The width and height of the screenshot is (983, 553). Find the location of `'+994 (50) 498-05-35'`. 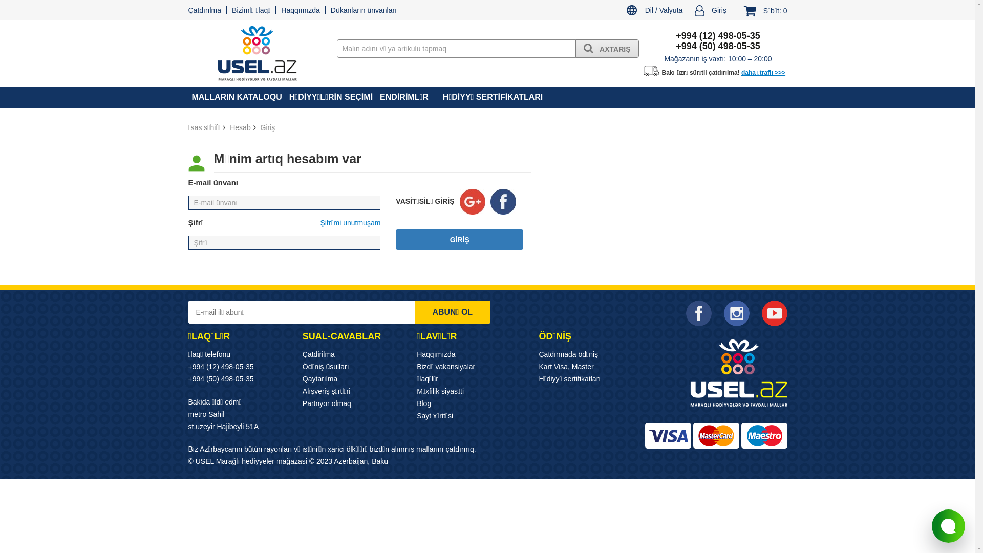

'+994 (50) 498-05-35' is located at coordinates (221, 379).